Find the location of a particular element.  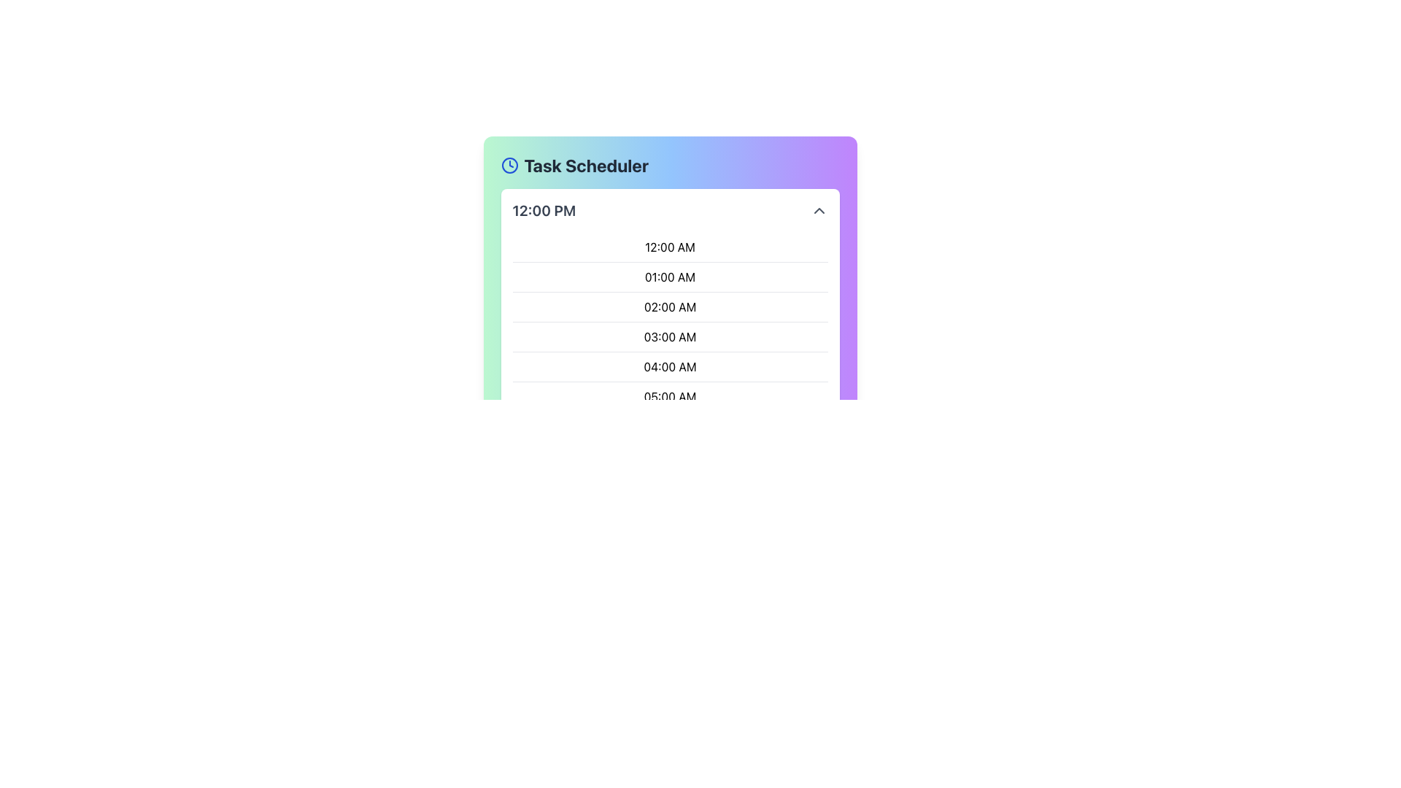

the static time display label showing '04:00 AM', which is the fifth item in the vertical list of time entries is located at coordinates (669, 366).